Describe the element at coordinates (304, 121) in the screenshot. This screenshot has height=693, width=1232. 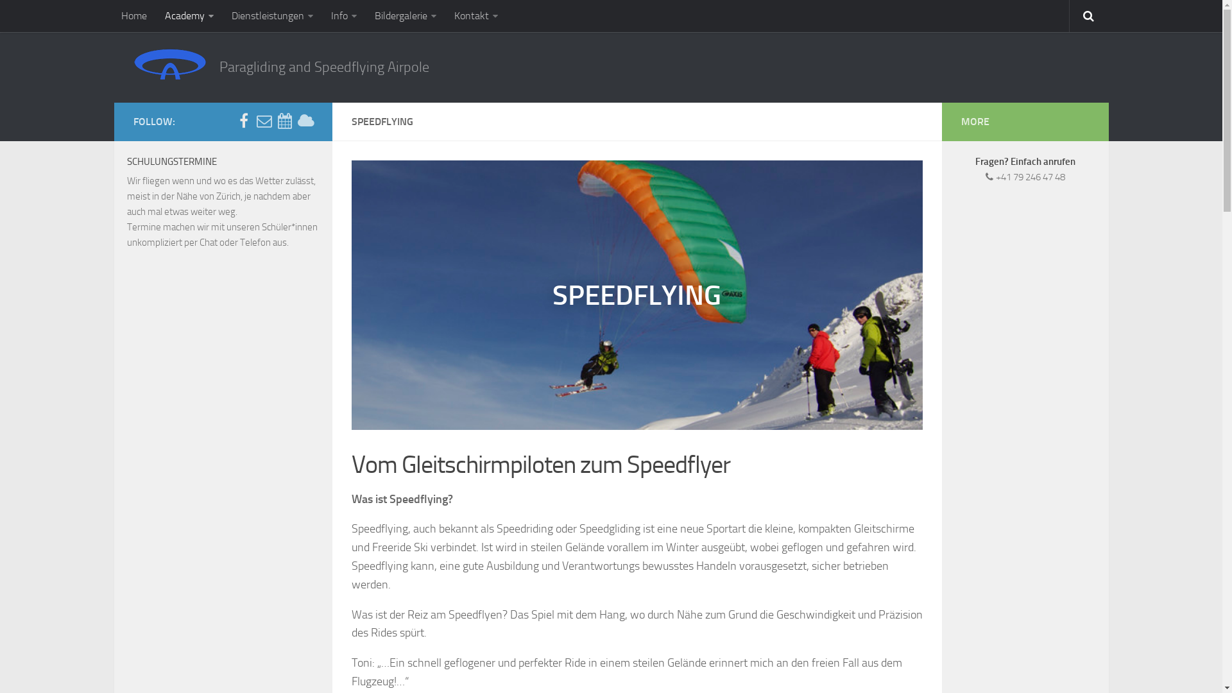
I see `'Meteo'` at that location.